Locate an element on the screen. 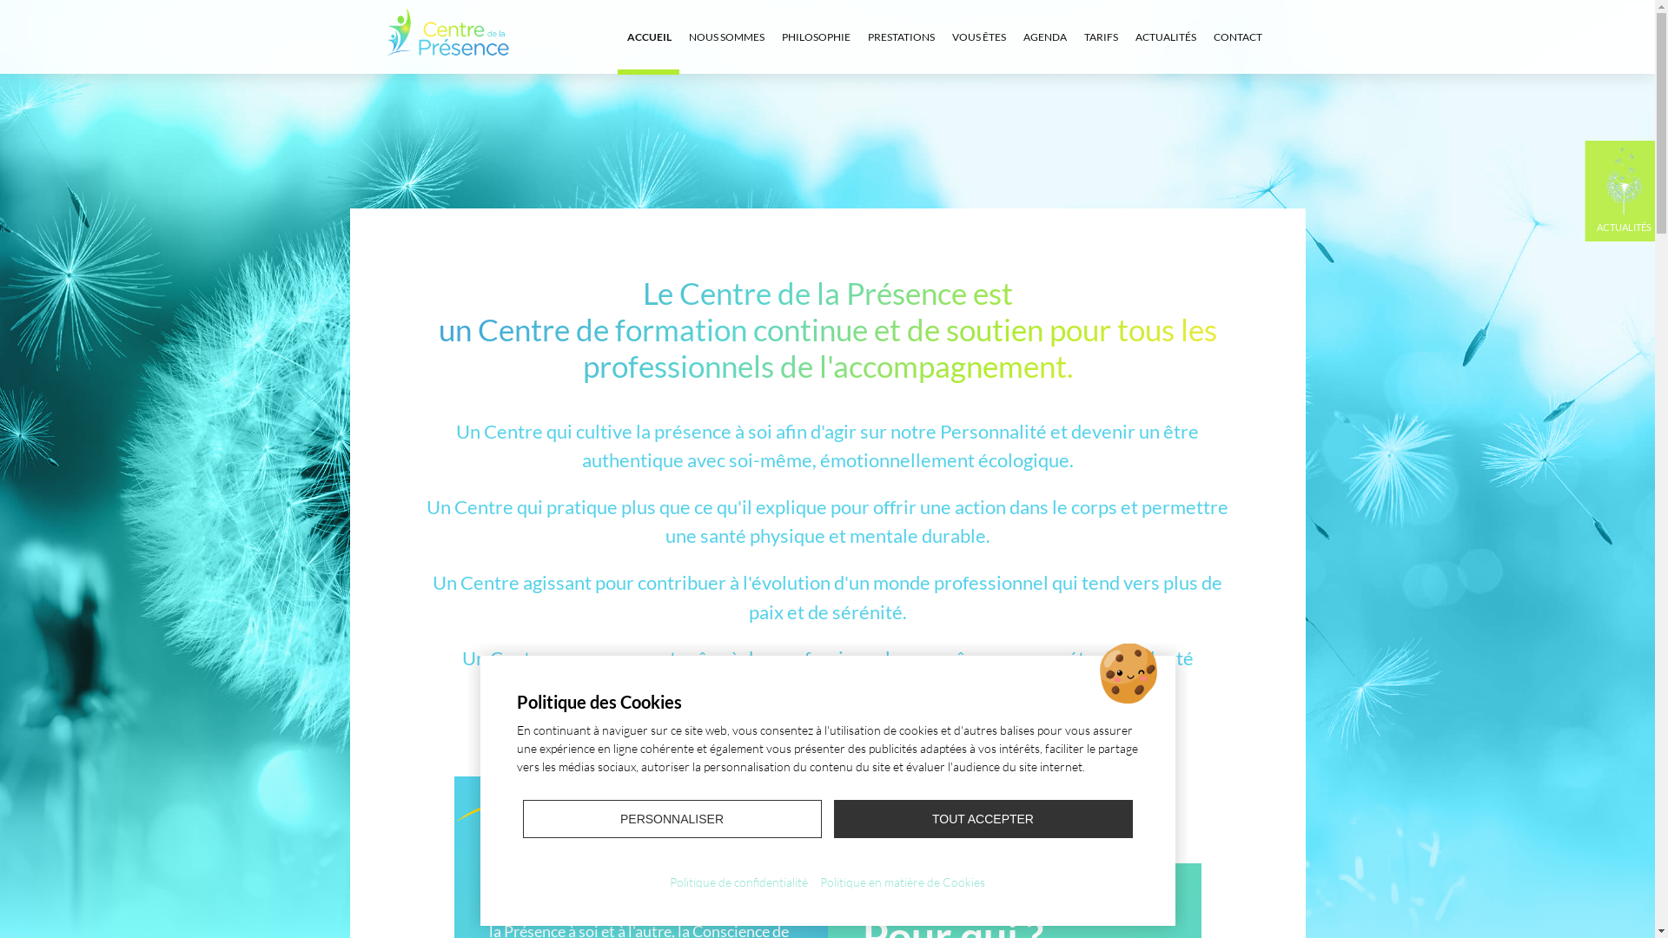  'CONTACT' is located at coordinates (1212, 36).